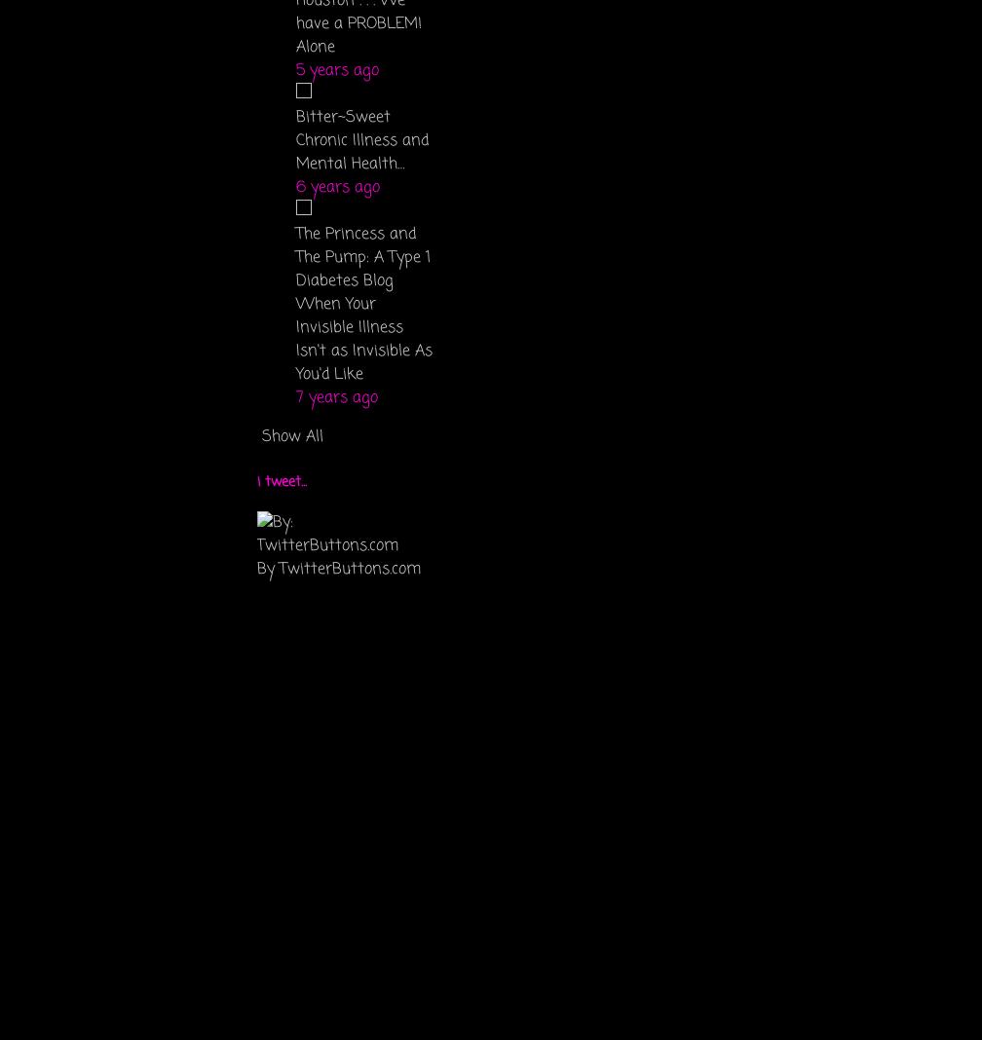 The width and height of the screenshot is (982, 1040). Describe the element at coordinates (337, 187) in the screenshot. I see `'6 years ago'` at that location.